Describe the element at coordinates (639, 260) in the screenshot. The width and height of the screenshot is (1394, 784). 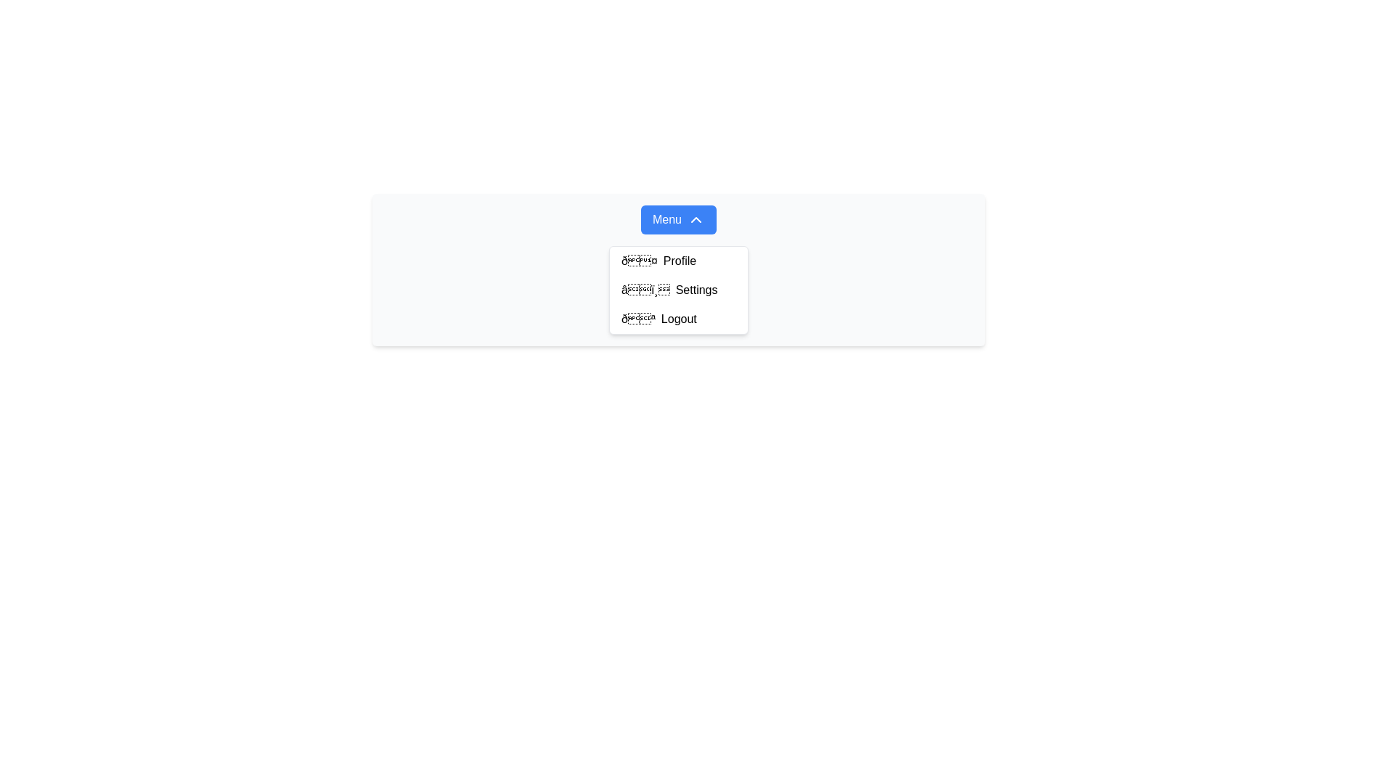
I see `the 'Profile' icon located in the dropdown menu labeled 'Menu', which is positioned to the immediate left of the text 'Profile'` at that location.